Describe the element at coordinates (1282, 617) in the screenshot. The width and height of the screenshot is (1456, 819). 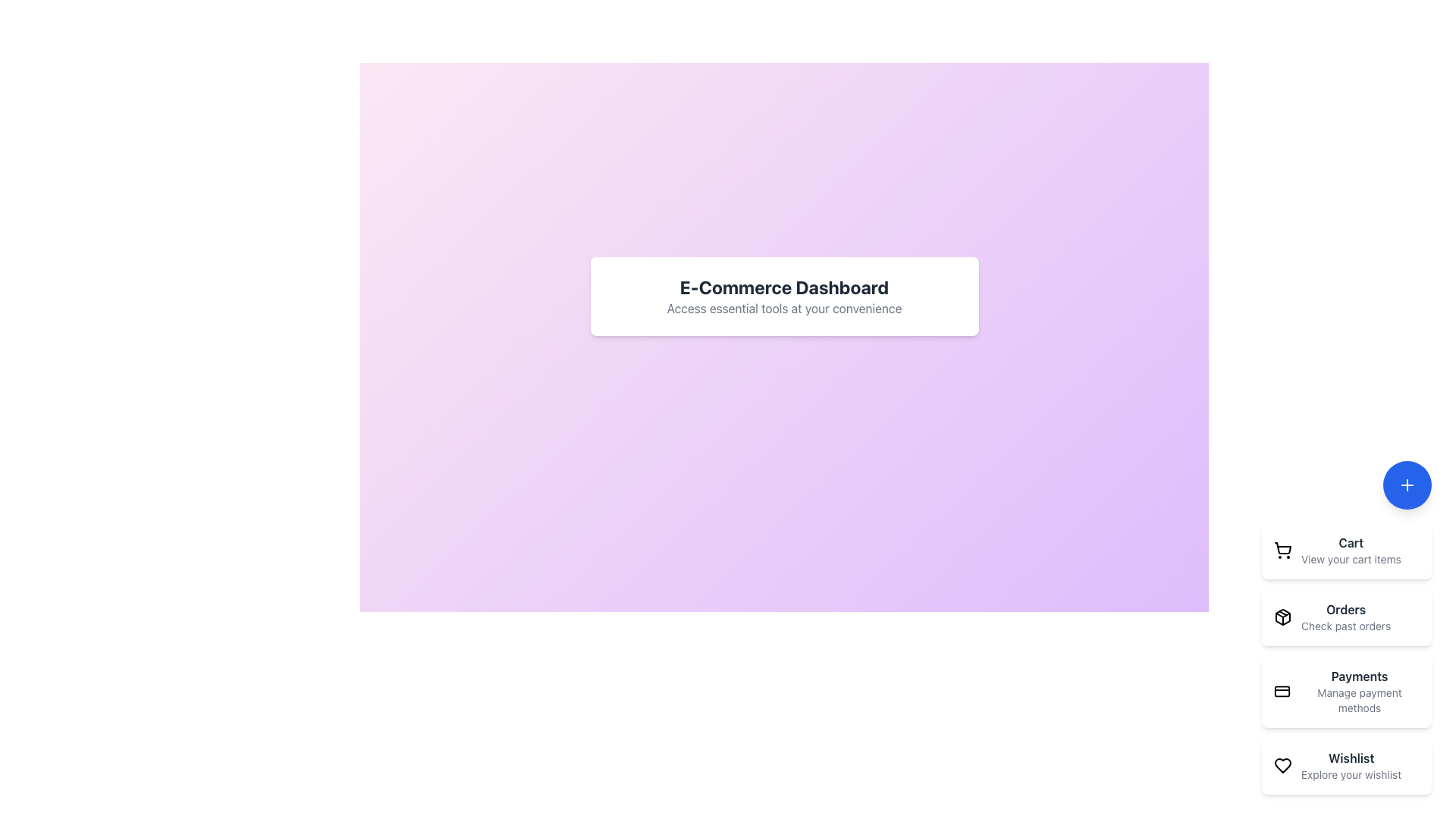
I see `the stylized cube icon located within the 'Orders' card, to the left of the text 'Orders' and 'Check past orders'` at that location.